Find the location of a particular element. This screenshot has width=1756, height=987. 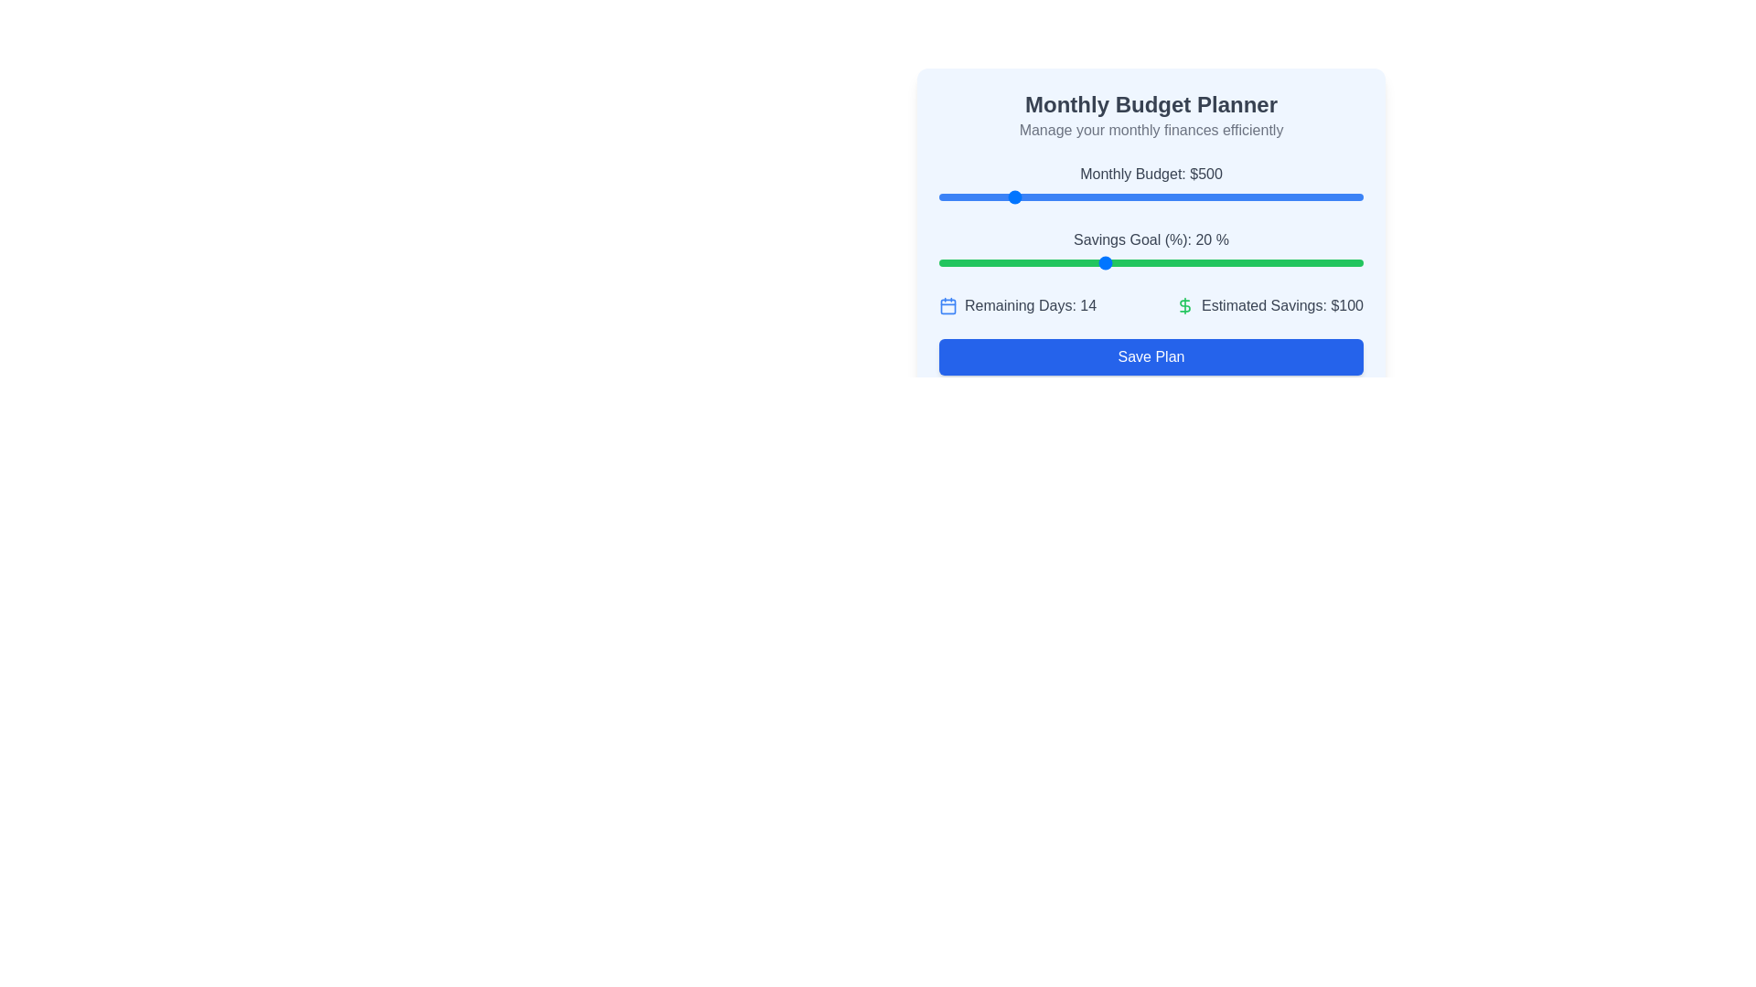

the Savings Goal (%) is located at coordinates (1007, 263).